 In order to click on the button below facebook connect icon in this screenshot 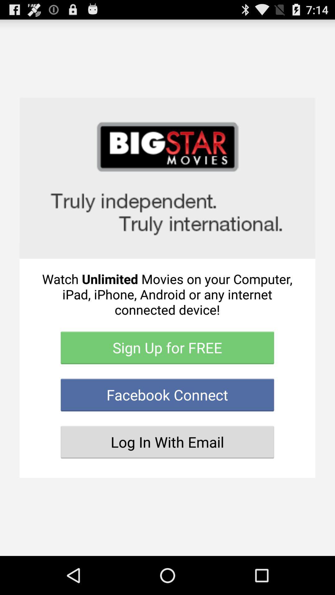, I will do `click(167, 442)`.